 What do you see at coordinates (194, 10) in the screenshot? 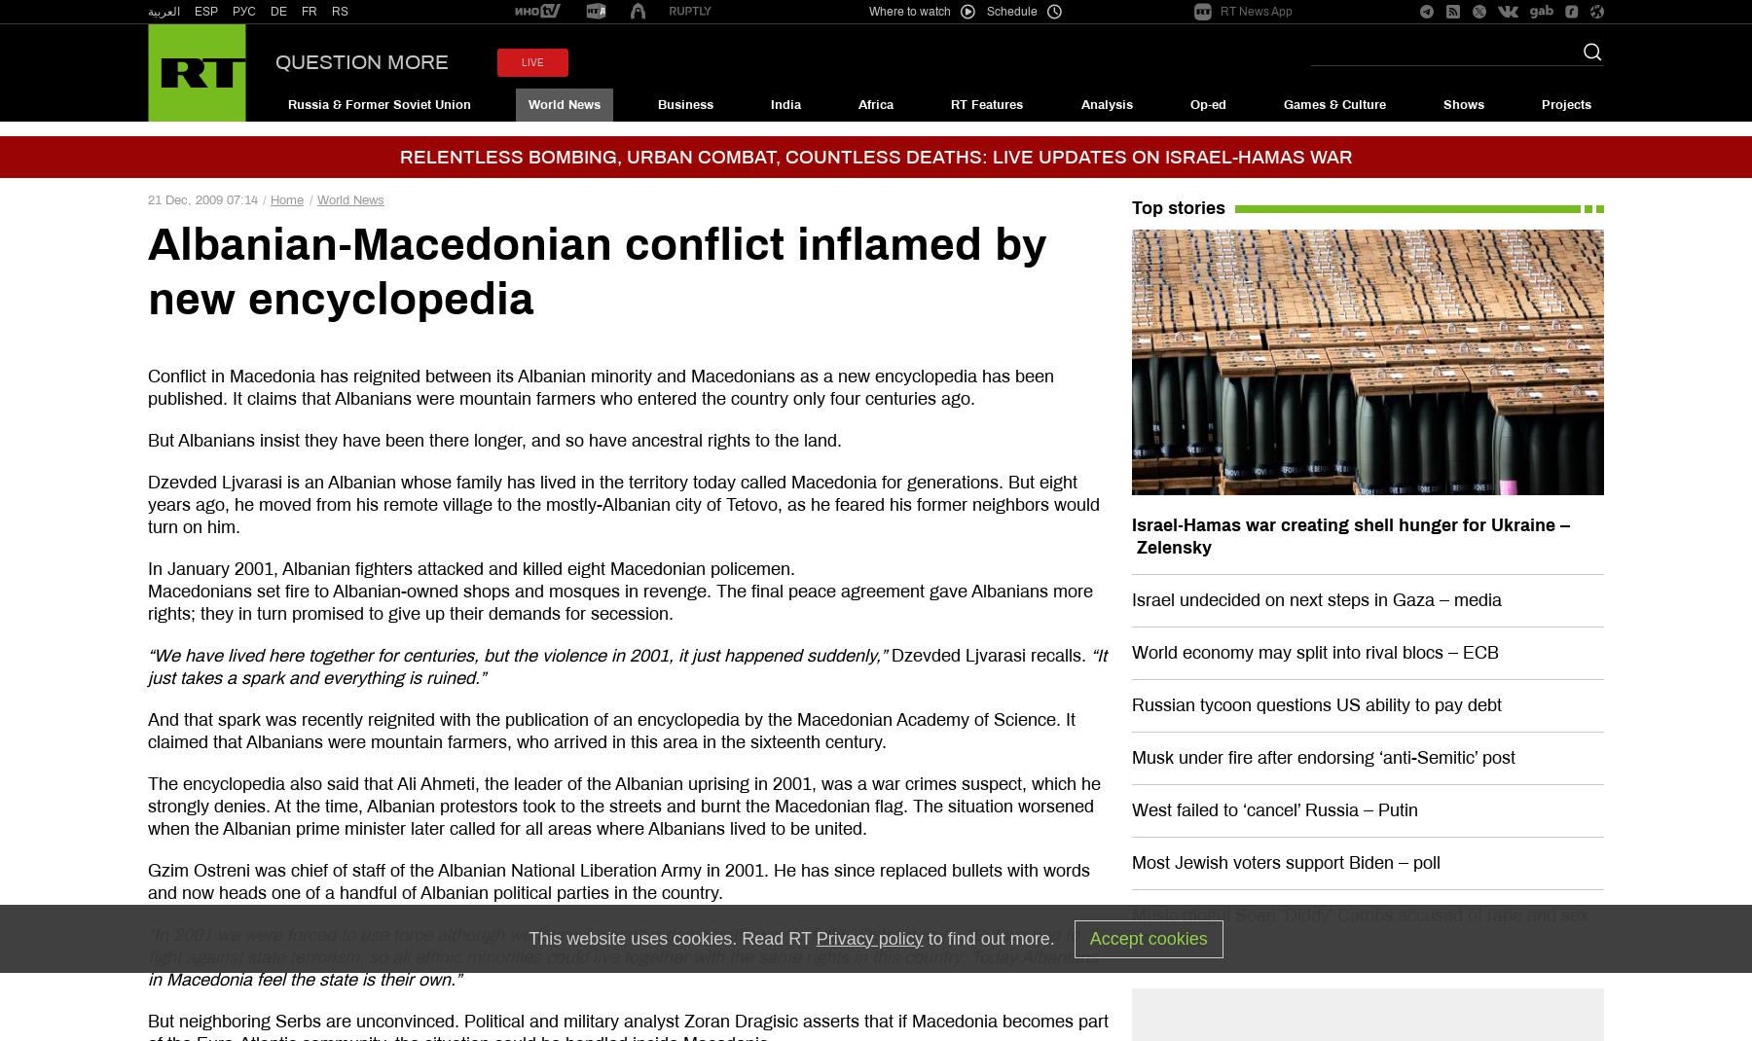
I see `'ESP'` at bounding box center [194, 10].